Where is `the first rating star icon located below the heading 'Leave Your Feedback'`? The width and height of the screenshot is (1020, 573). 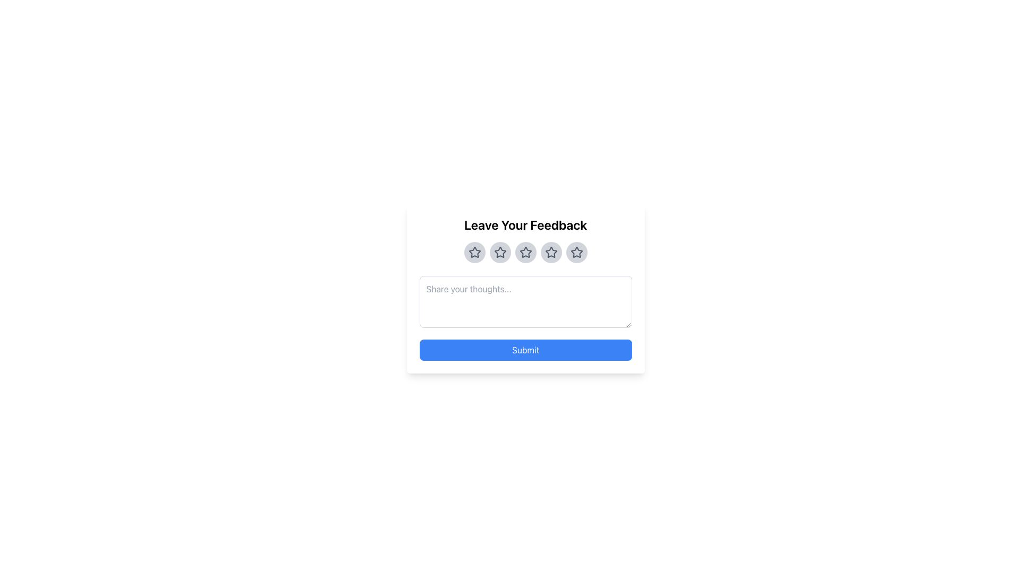
the first rating star icon located below the heading 'Leave Your Feedback' is located at coordinates (473, 251).